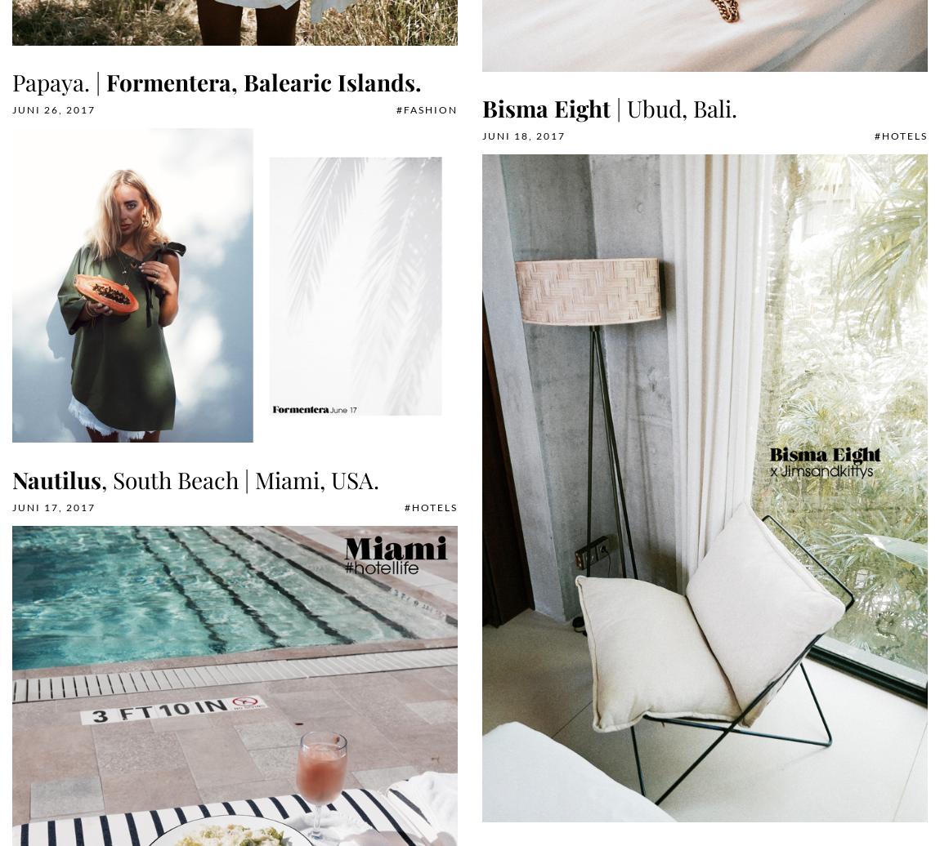  What do you see at coordinates (58, 82) in the screenshot?
I see `'Papaya. |'` at bounding box center [58, 82].